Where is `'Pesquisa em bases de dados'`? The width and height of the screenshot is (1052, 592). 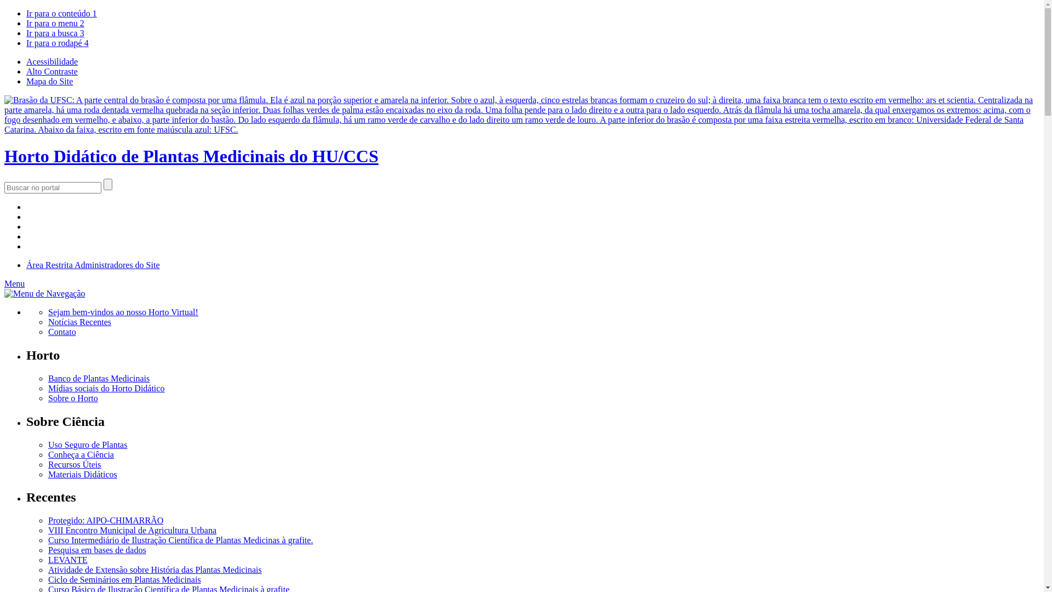
'Pesquisa em bases de dados' is located at coordinates (97, 550).